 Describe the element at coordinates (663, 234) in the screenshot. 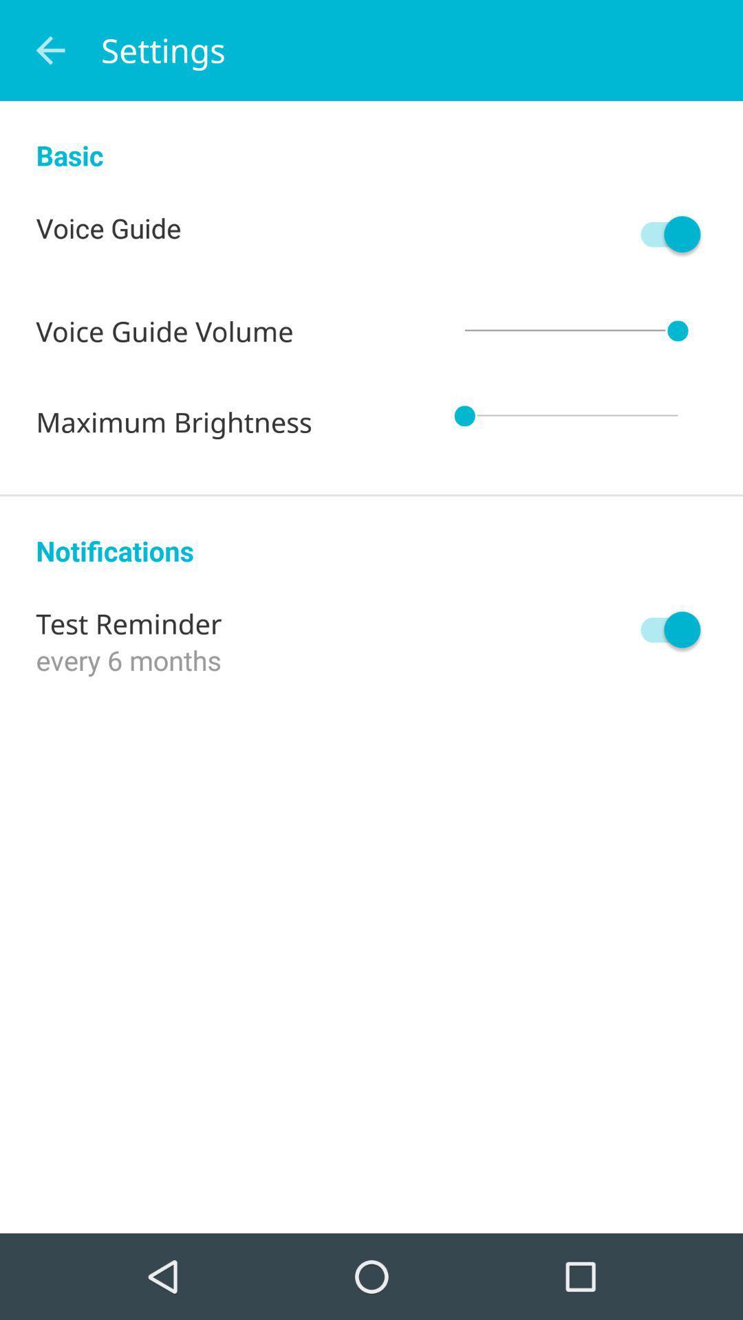

I see `icon next to the voice guide` at that location.